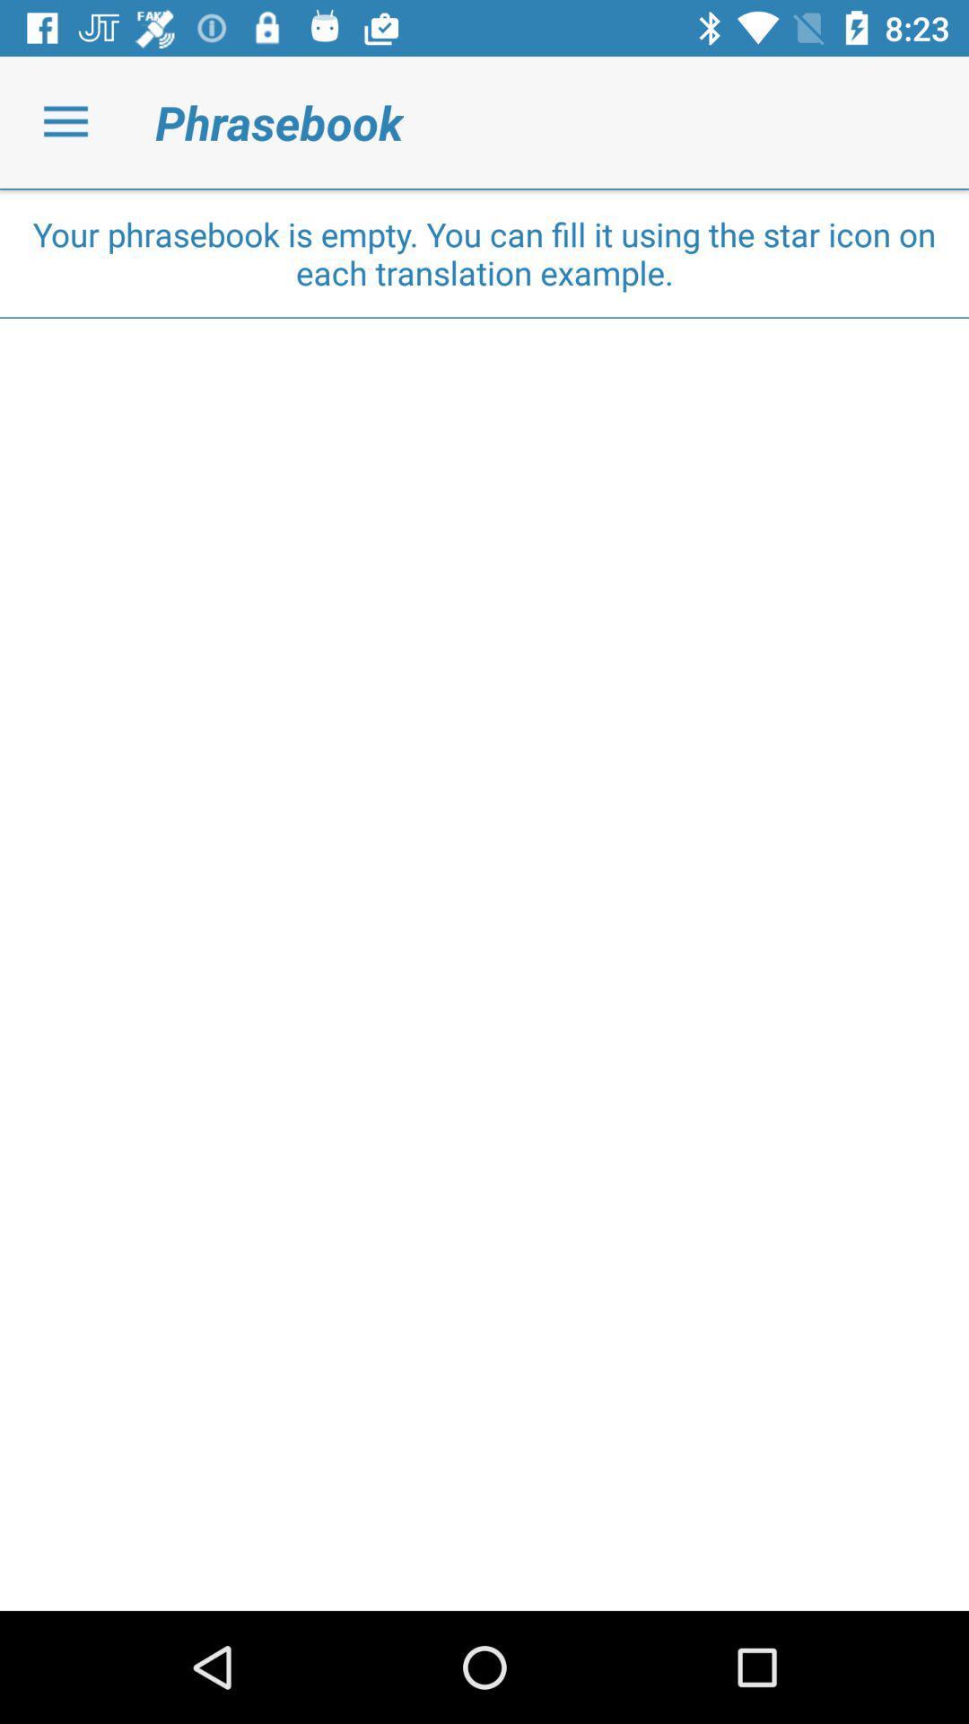 The width and height of the screenshot is (969, 1724). I want to click on item below your phrasebook is icon, so click(484, 318).